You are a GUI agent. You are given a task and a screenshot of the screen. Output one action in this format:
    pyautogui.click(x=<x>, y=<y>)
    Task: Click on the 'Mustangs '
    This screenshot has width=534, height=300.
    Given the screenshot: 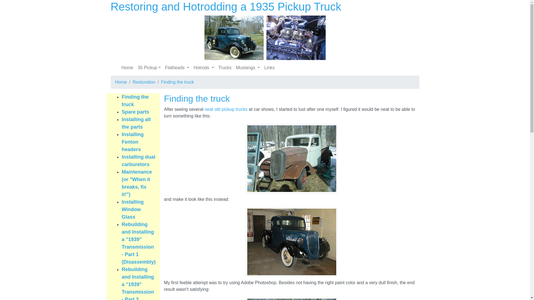 What is the action you would take?
    pyautogui.click(x=234, y=67)
    